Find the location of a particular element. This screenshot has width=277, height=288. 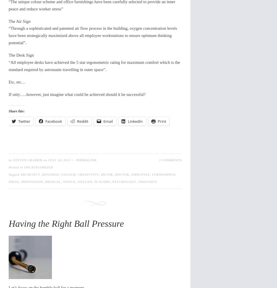

'ideas' is located at coordinates (14, 181).